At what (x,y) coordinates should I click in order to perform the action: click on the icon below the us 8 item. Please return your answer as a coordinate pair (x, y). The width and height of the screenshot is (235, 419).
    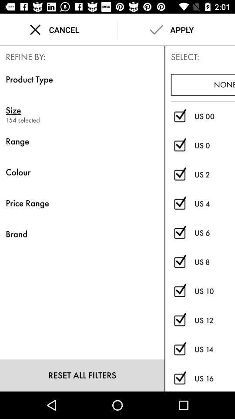
    Looking at the image, I should click on (214, 291).